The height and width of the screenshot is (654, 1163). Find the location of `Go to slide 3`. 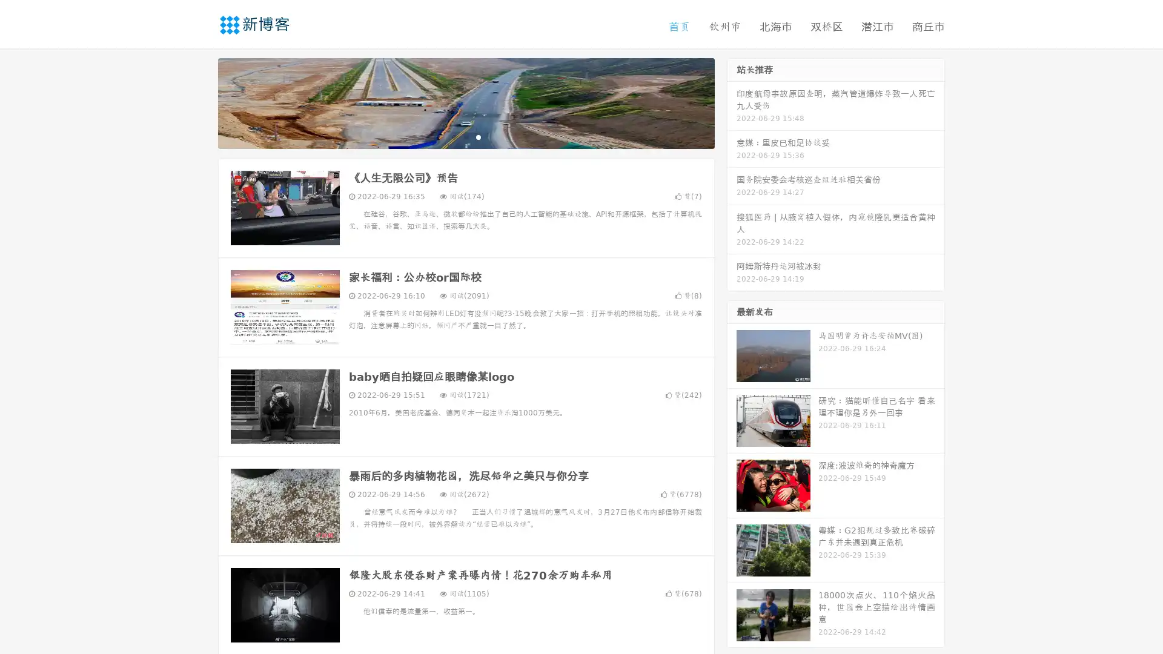

Go to slide 3 is located at coordinates (478, 136).